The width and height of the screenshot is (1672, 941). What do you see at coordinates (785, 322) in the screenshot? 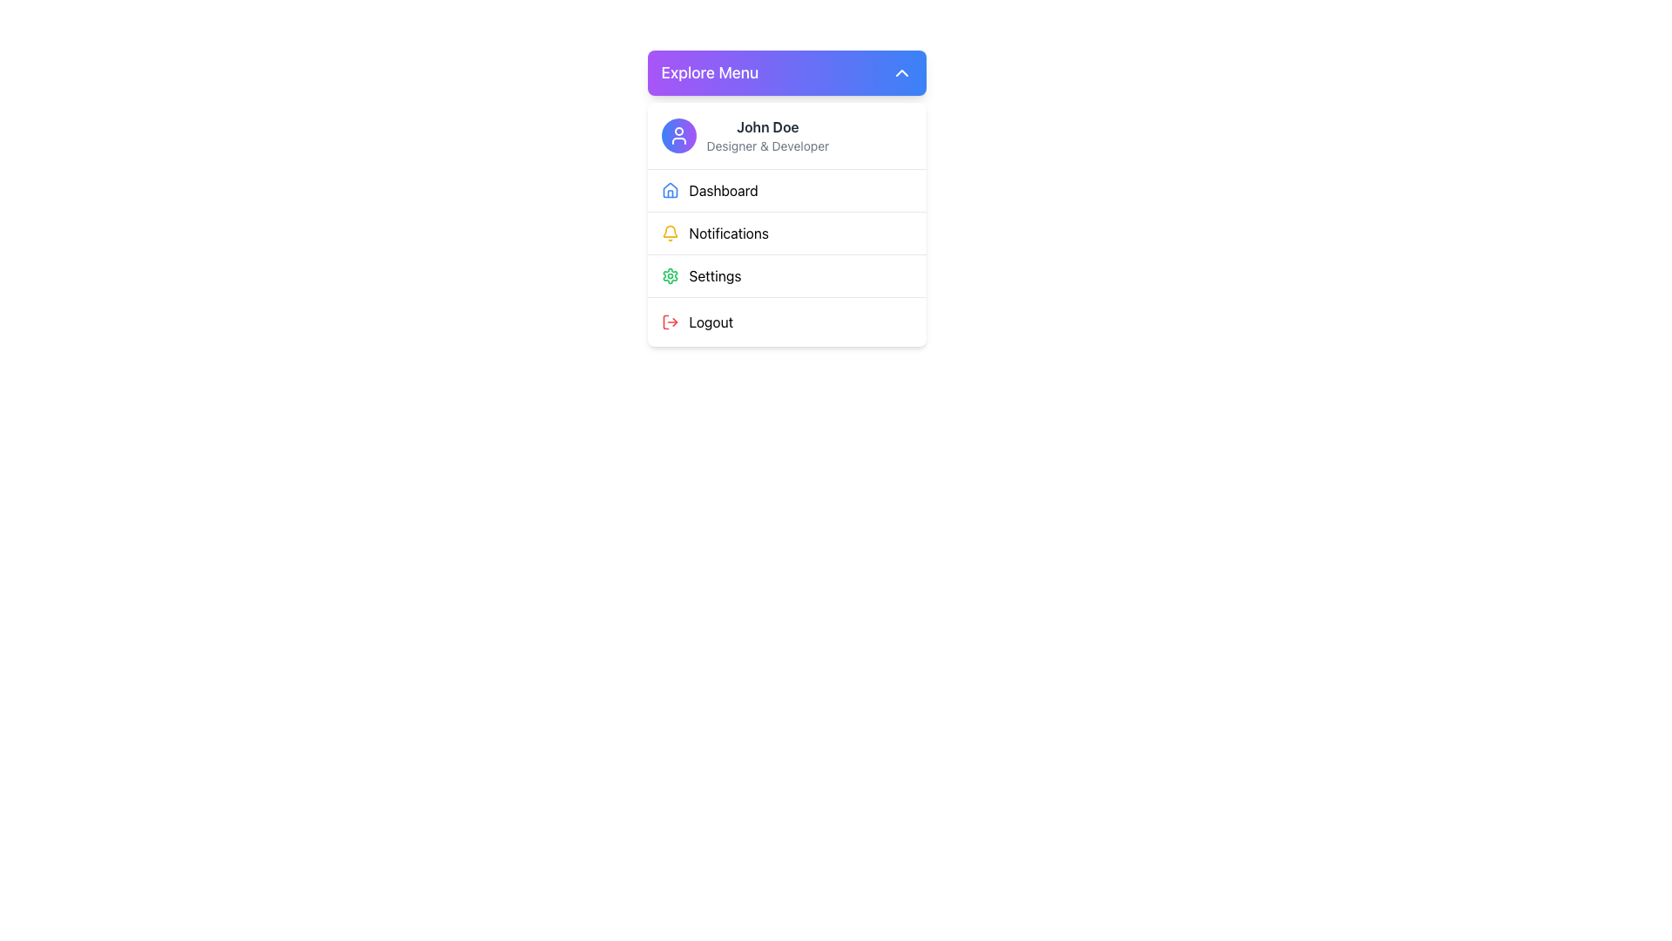
I see `the 'Logout' menu item, which is the fifth item in a vertical dropdown list, to change its background color` at bounding box center [785, 322].